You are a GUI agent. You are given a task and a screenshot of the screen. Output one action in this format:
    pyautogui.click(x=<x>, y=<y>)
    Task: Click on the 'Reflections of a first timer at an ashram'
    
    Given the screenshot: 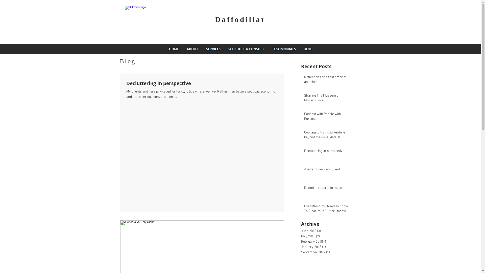 What is the action you would take?
    pyautogui.click(x=304, y=80)
    